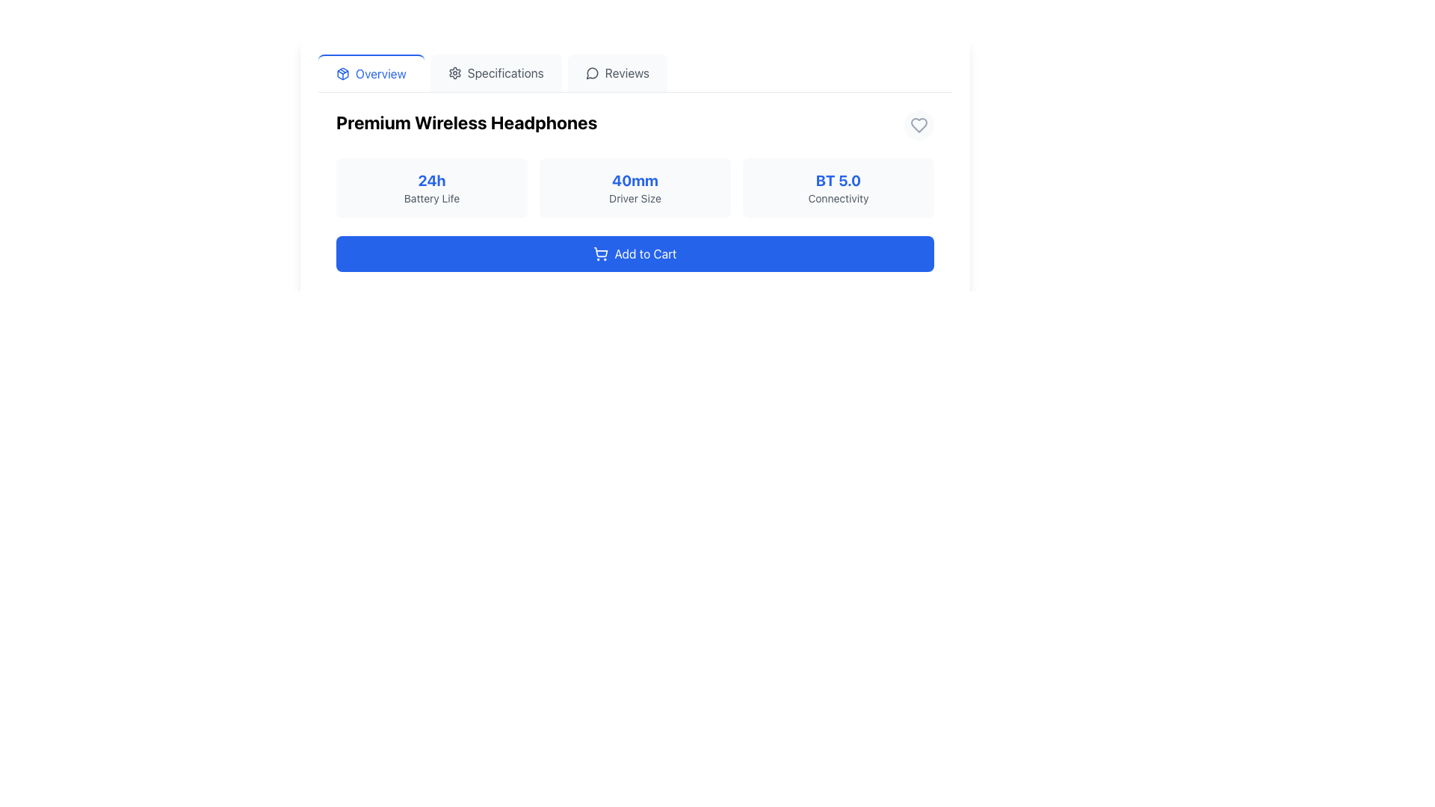 The image size is (1435, 807). What do you see at coordinates (430, 180) in the screenshot?
I see `the text label displaying '24h' in a bold and large blue font, which is centrally located in a light-gray box with rounded edges` at bounding box center [430, 180].